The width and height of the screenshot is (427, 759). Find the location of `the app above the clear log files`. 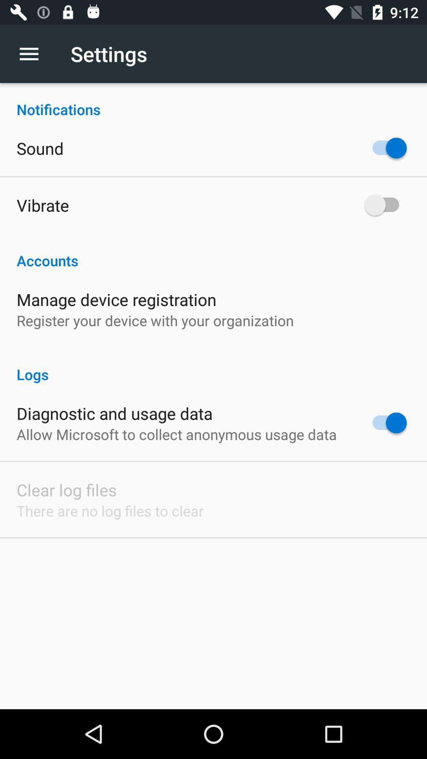

the app above the clear log files is located at coordinates (176, 434).